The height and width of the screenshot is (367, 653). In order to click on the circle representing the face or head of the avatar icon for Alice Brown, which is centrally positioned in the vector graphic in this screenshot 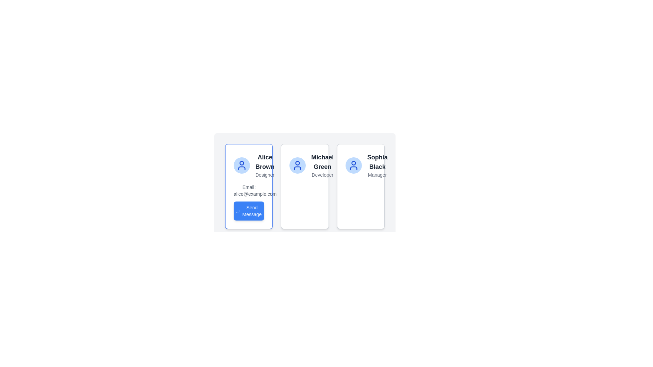, I will do `click(241, 163)`.